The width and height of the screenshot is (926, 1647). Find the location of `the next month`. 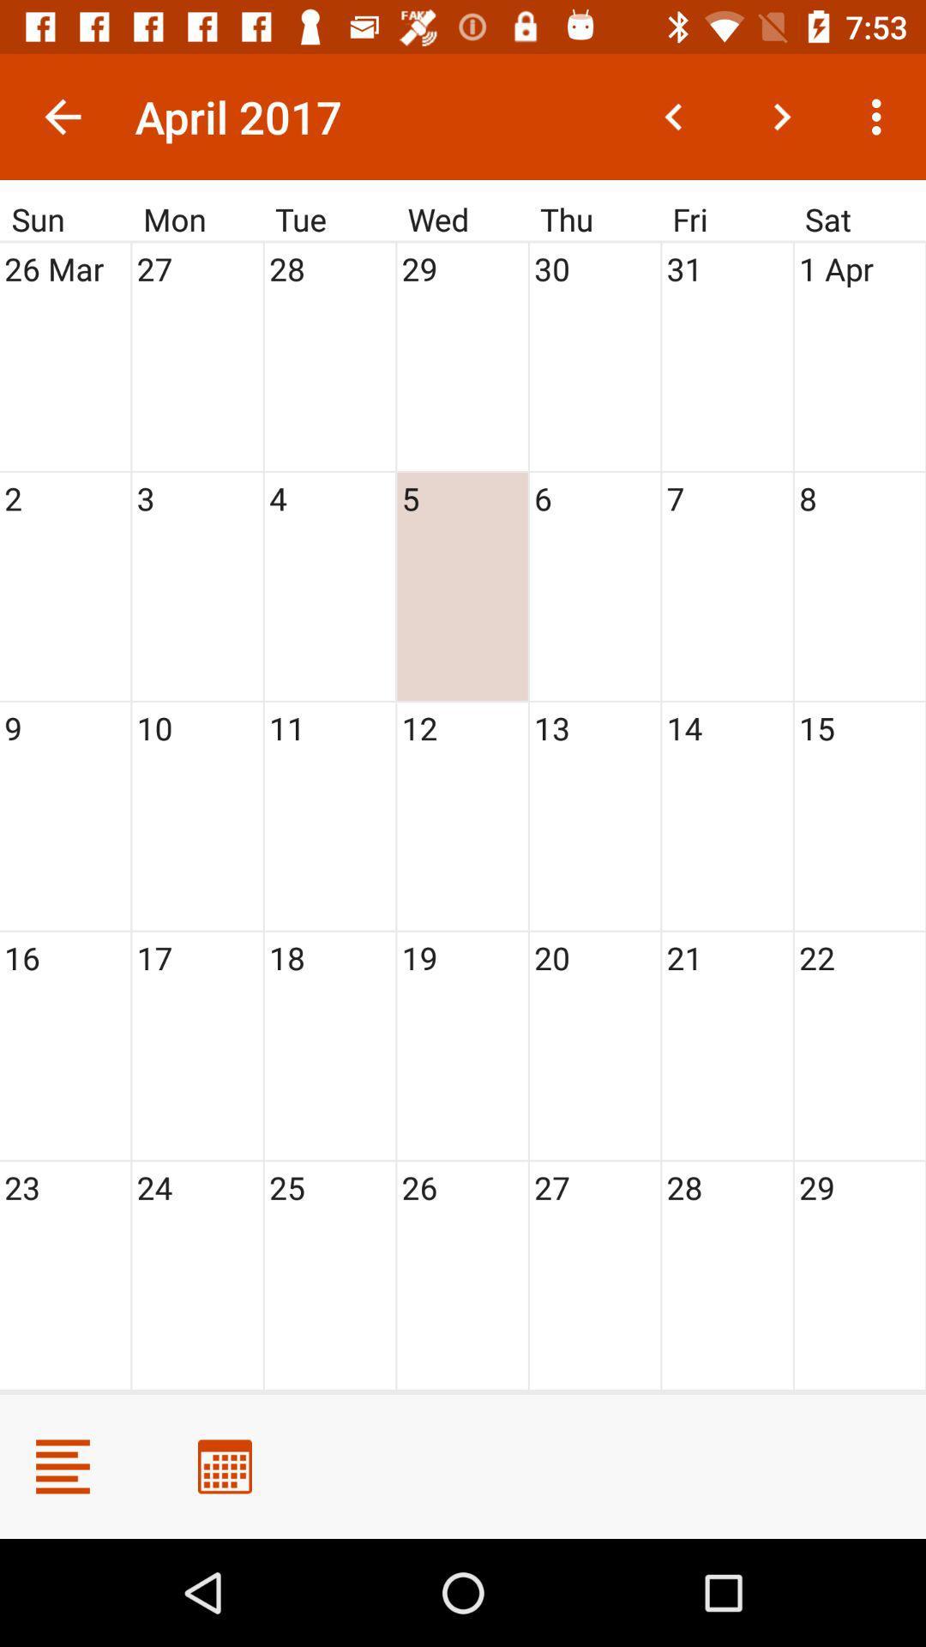

the next month is located at coordinates (781, 116).